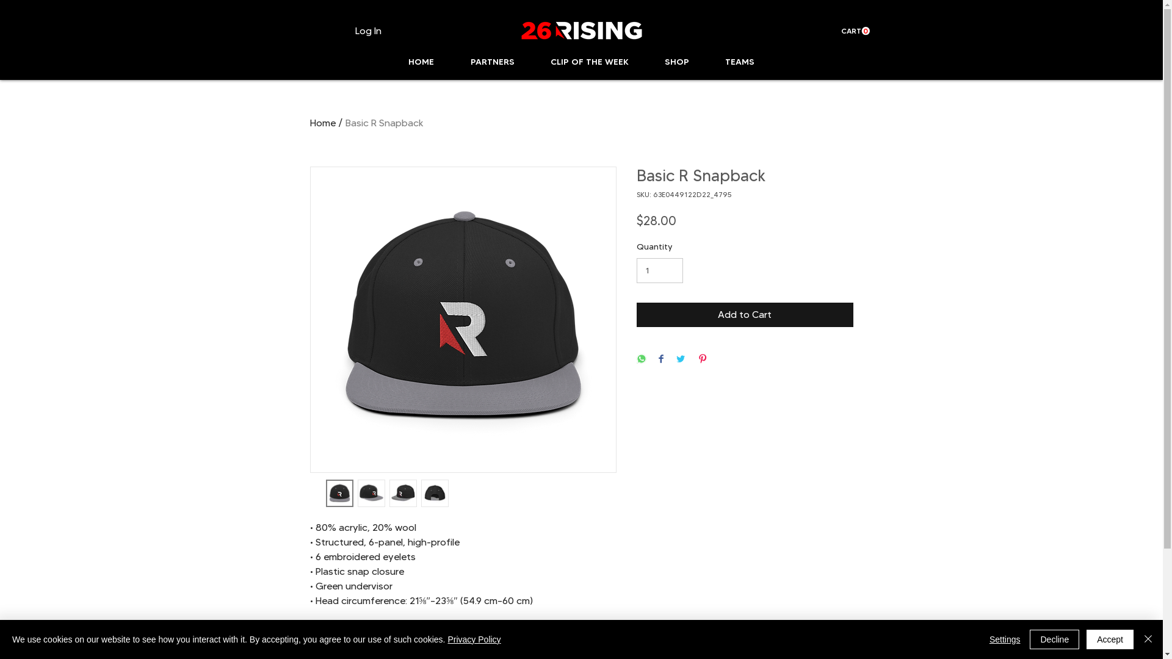 The width and height of the screenshot is (1172, 659). I want to click on 'SHOP', so click(676, 62).